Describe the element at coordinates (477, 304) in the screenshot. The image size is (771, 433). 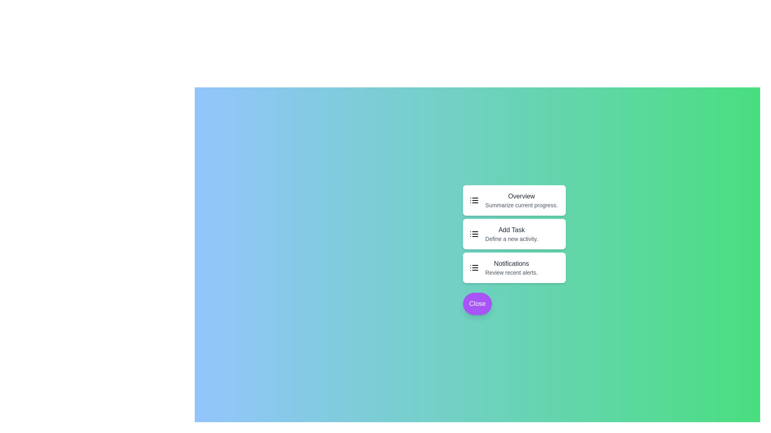
I see `the 'Close/Open' button to toggle the menu visibility` at that location.